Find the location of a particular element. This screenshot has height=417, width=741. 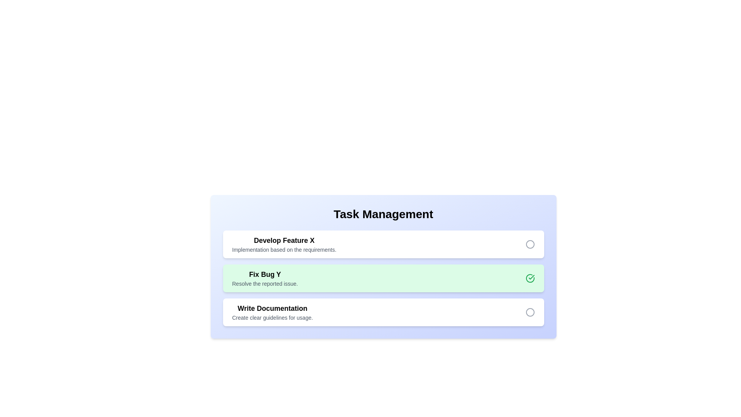

the task chip corresponding to Develop Feature X to toggle its completion status is located at coordinates (284, 244).